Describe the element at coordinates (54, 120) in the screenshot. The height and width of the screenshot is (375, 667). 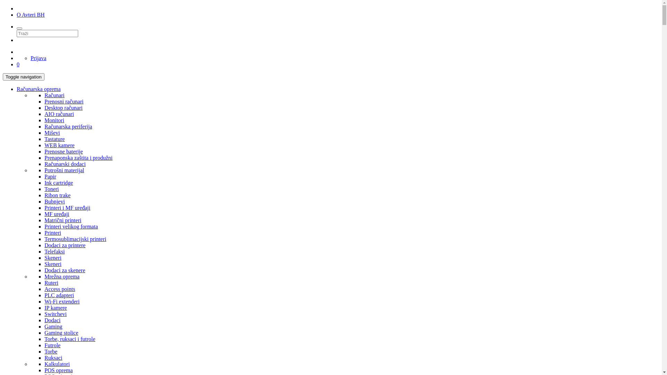
I see `'Monitori'` at that location.